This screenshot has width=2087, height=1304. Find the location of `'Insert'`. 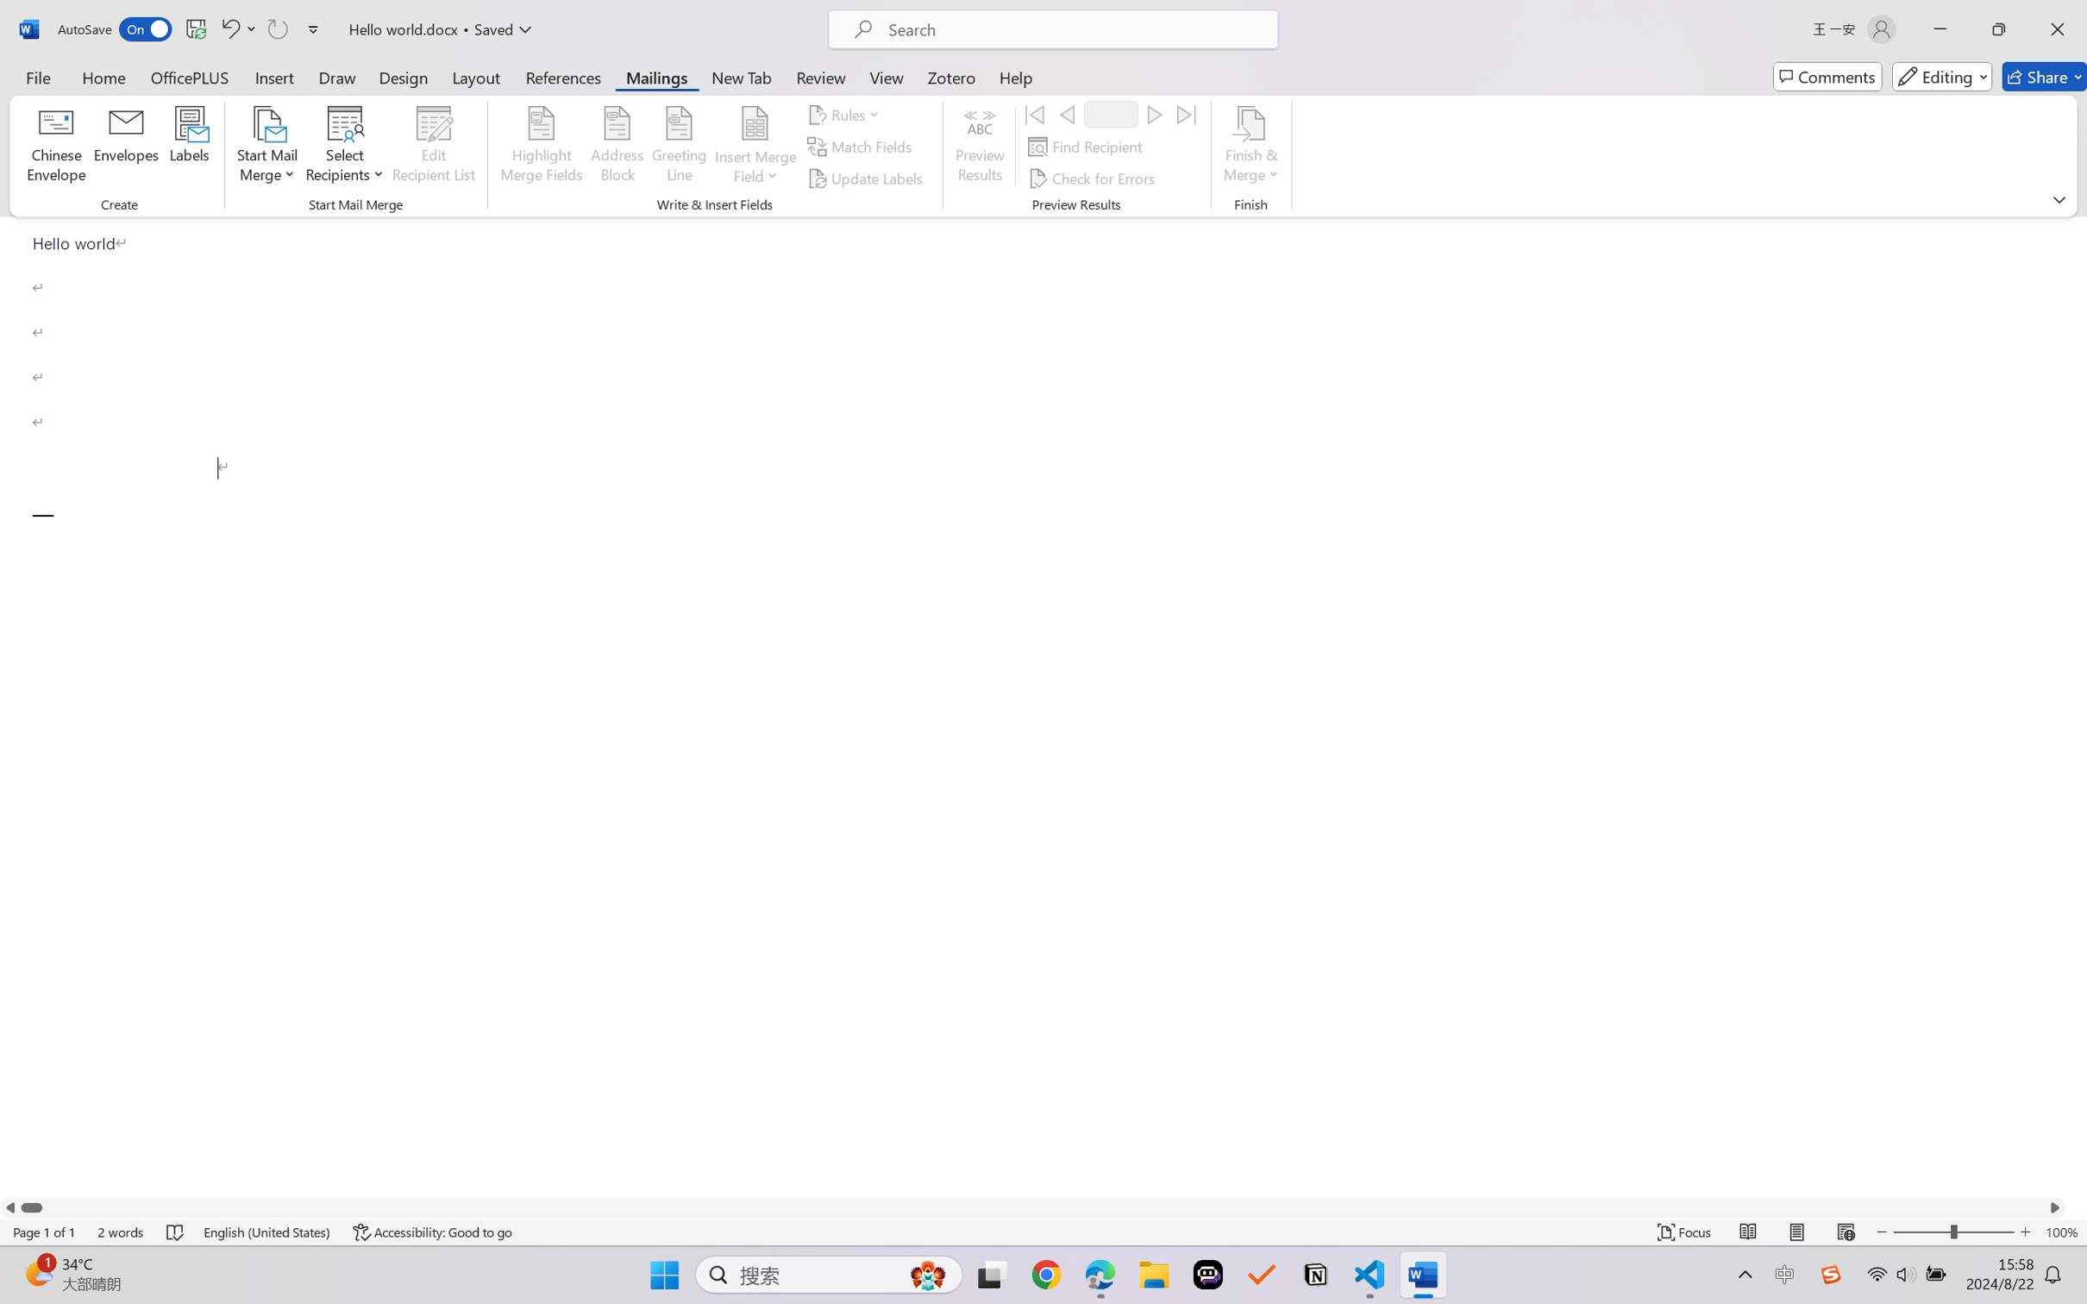

'Insert' is located at coordinates (273, 76).